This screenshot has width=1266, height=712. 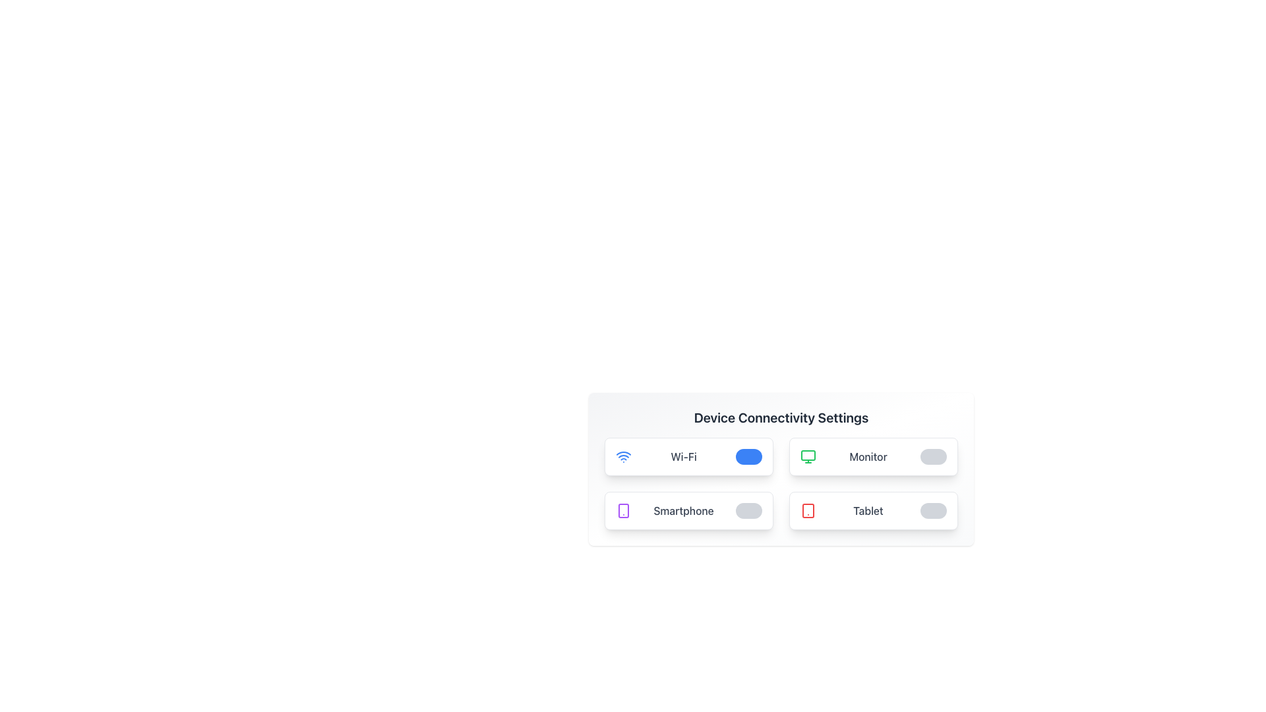 I want to click on the toggle switch for the 'Monitor' feature in the 'Device Connectivity Settings' section to change its state, so click(x=933, y=456).